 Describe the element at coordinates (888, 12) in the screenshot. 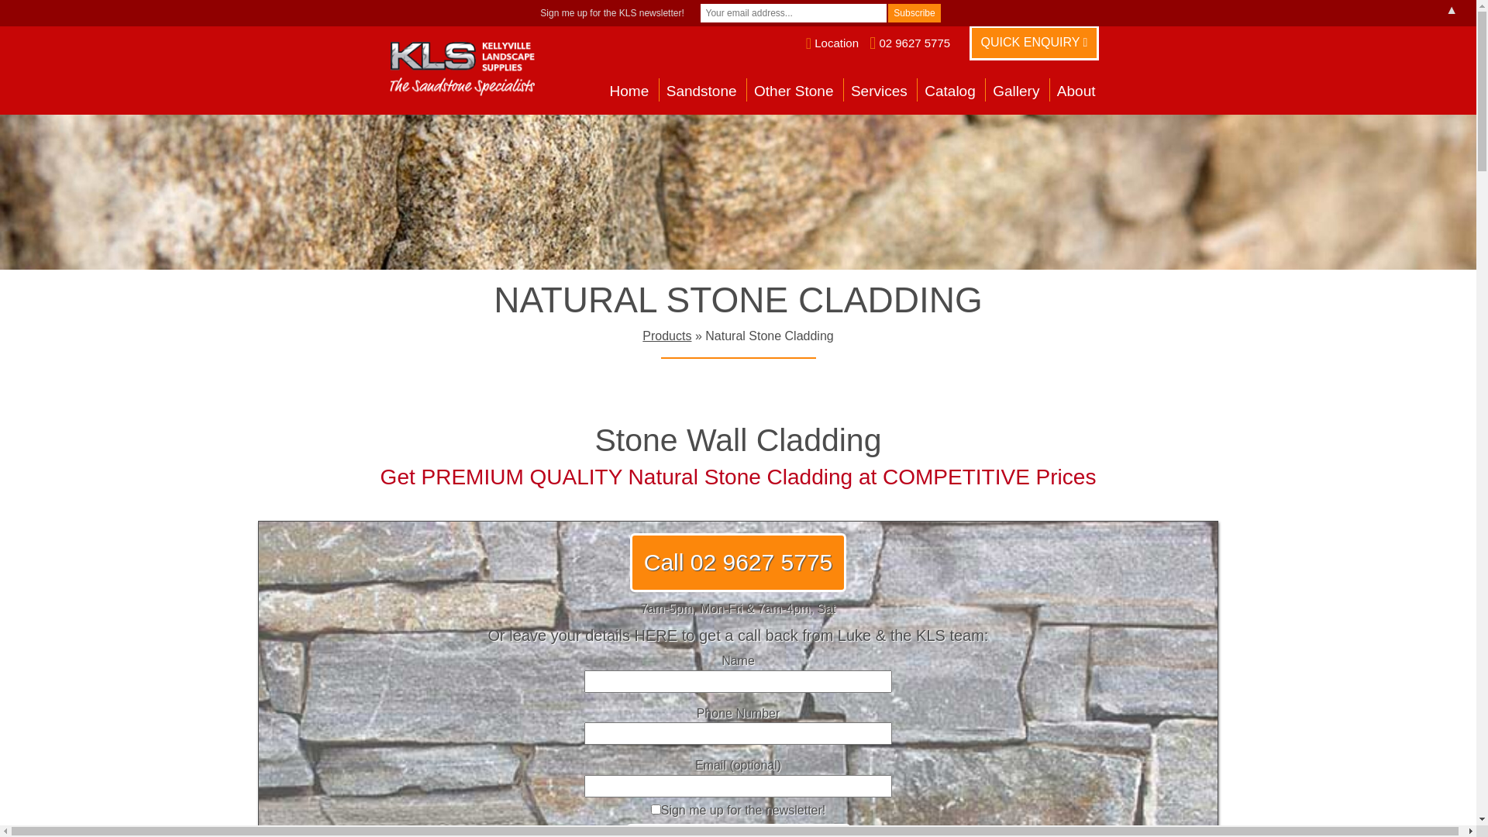

I see `'Subscribe'` at that location.